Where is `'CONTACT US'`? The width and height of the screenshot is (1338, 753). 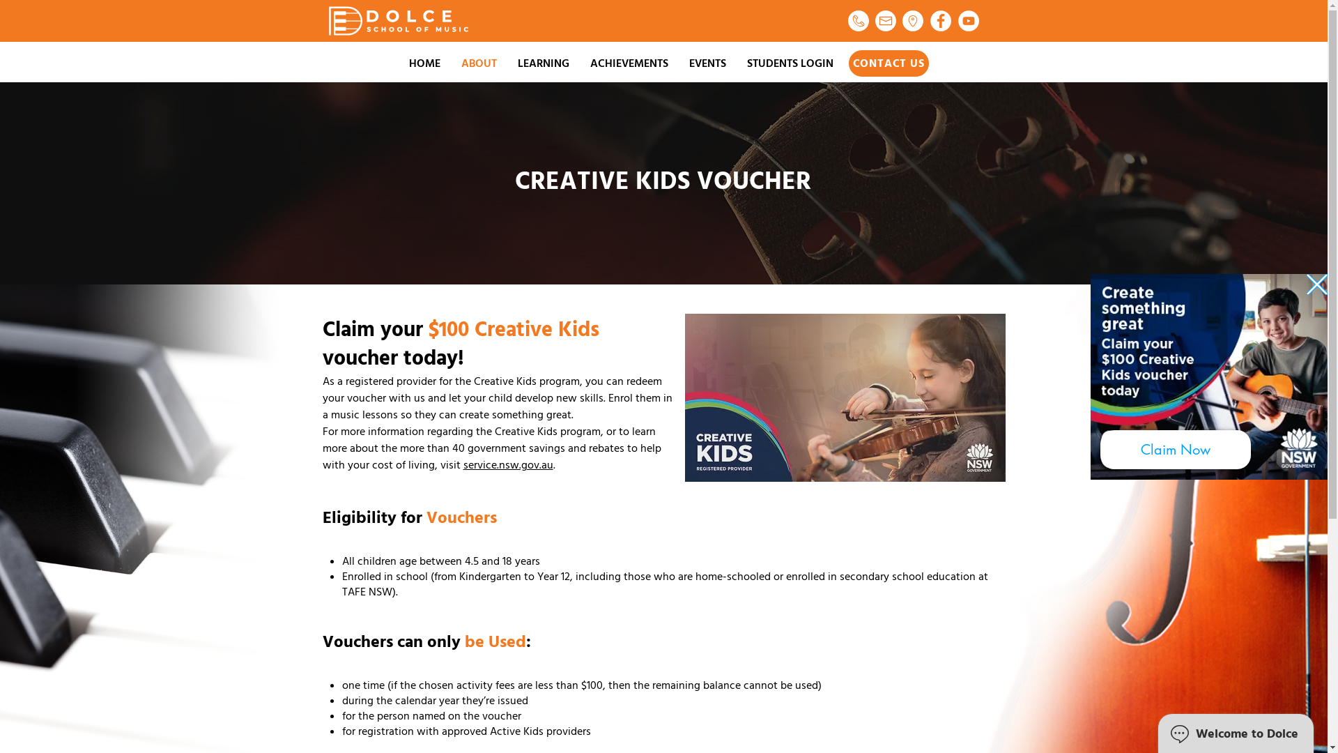 'CONTACT US' is located at coordinates (885, 63).